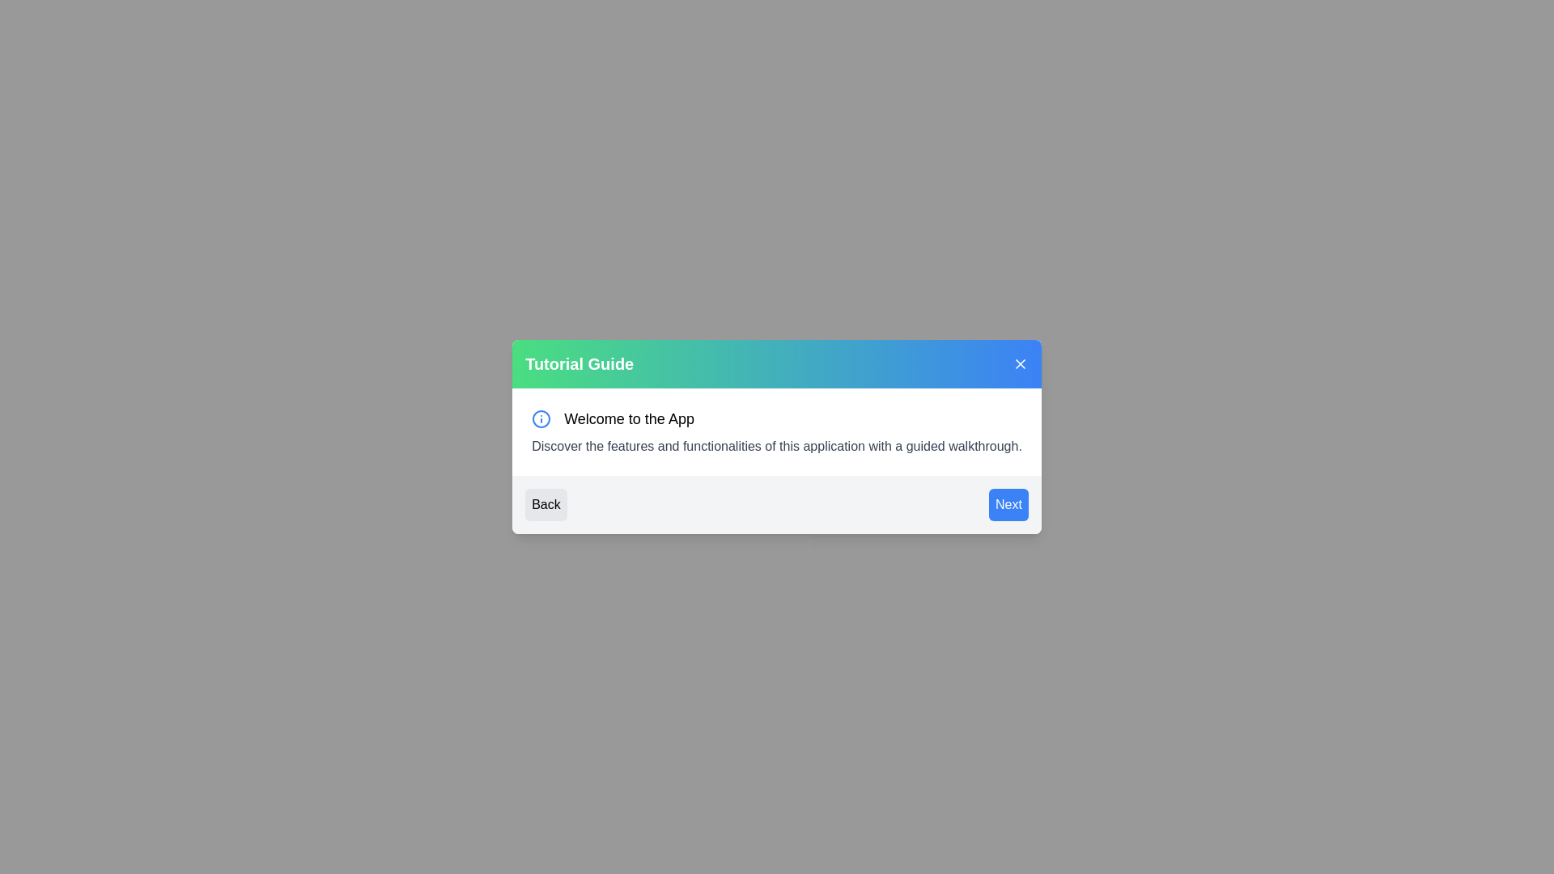  What do you see at coordinates (1008, 504) in the screenshot?
I see `the 'Next' button located at the bottom-right corner of the dialog box, positioned directly to the right of the gray 'Back' button, for keyboard interactions` at bounding box center [1008, 504].